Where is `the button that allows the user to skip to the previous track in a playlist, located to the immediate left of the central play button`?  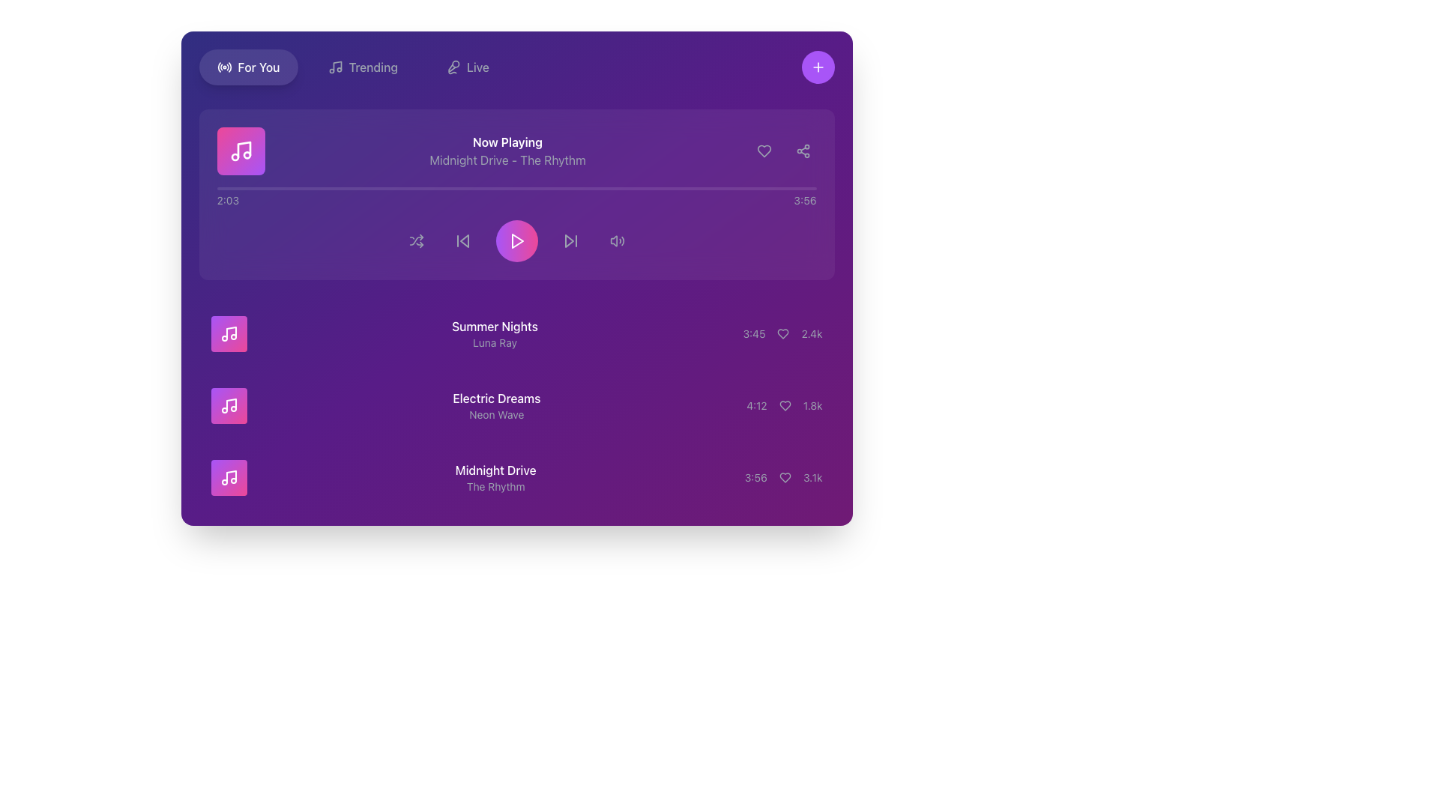
the button that allows the user to skip to the previous track in a playlist, located to the immediate left of the central play button is located at coordinates (462, 240).